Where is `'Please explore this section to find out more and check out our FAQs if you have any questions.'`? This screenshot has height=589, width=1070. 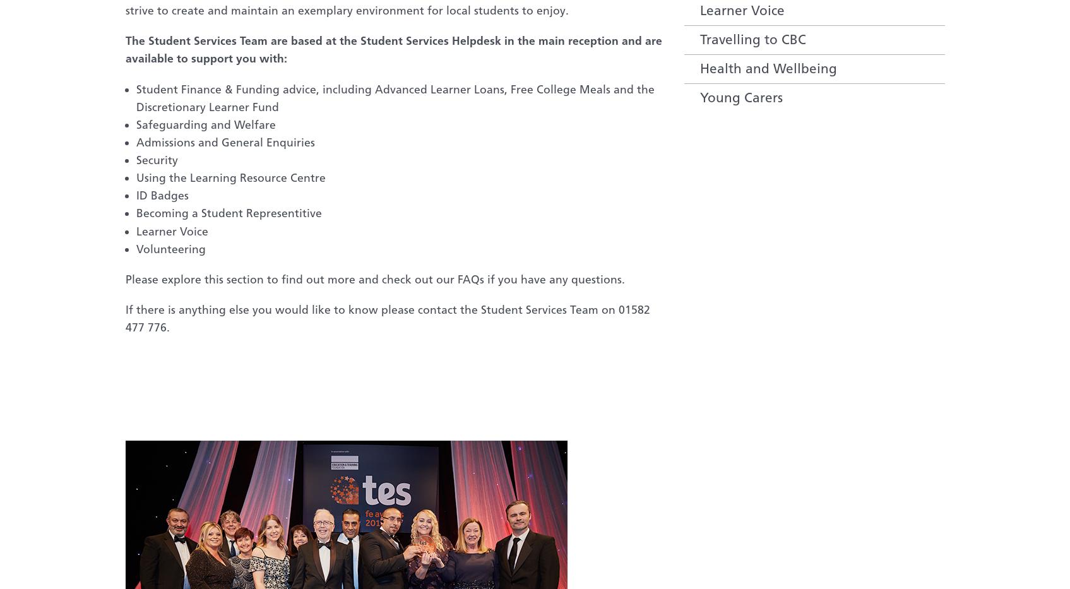 'Please explore this section to find out more and check out our FAQs if you have any questions.' is located at coordinates (124, 278).